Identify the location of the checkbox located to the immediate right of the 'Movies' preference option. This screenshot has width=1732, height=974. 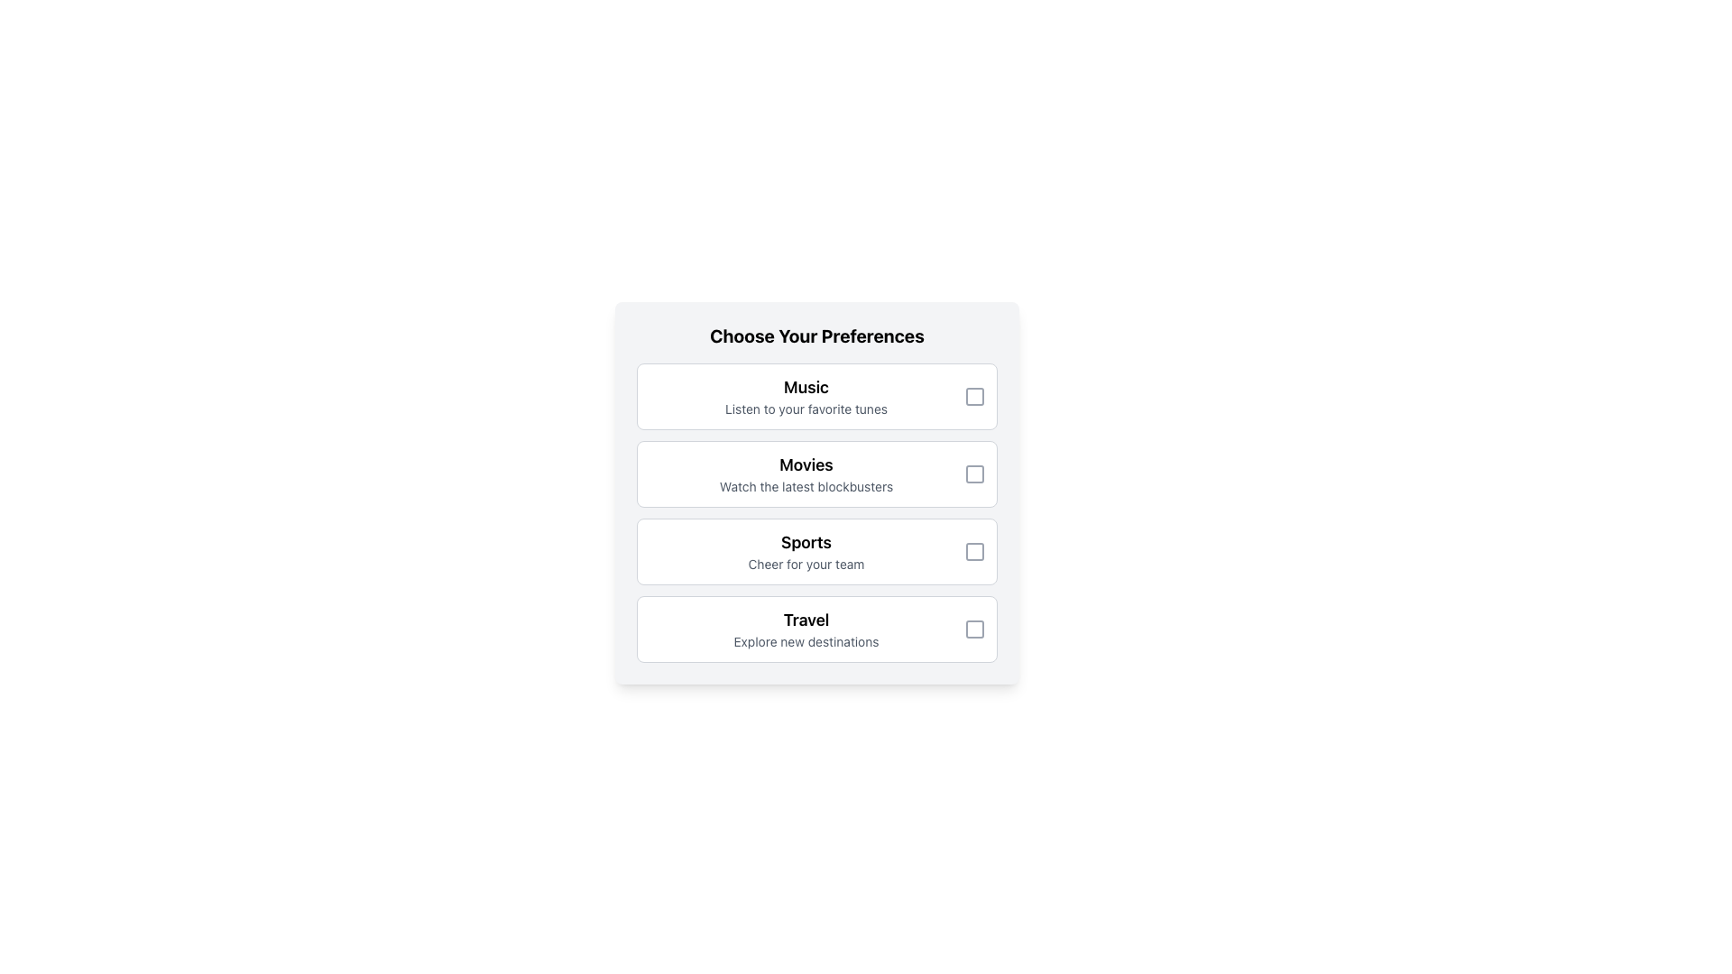
(973, 473).